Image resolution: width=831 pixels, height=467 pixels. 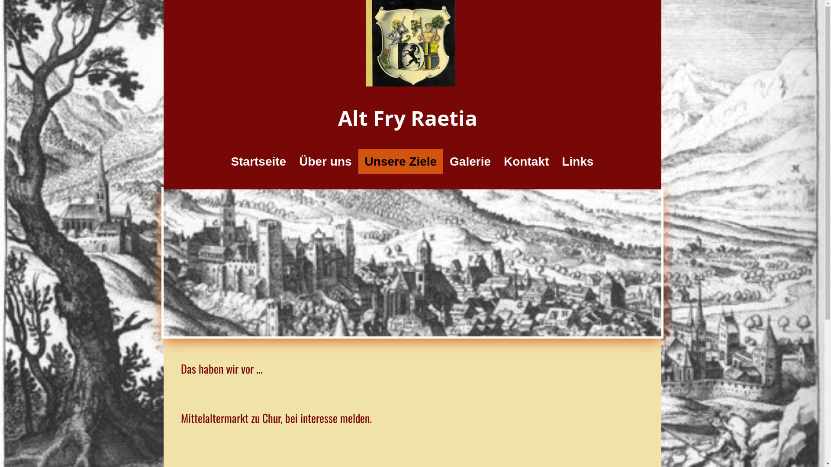 What do you see at coordinates (577, 162) in the screenshot?
I see `'Links'` at bounding box center [577, 162].